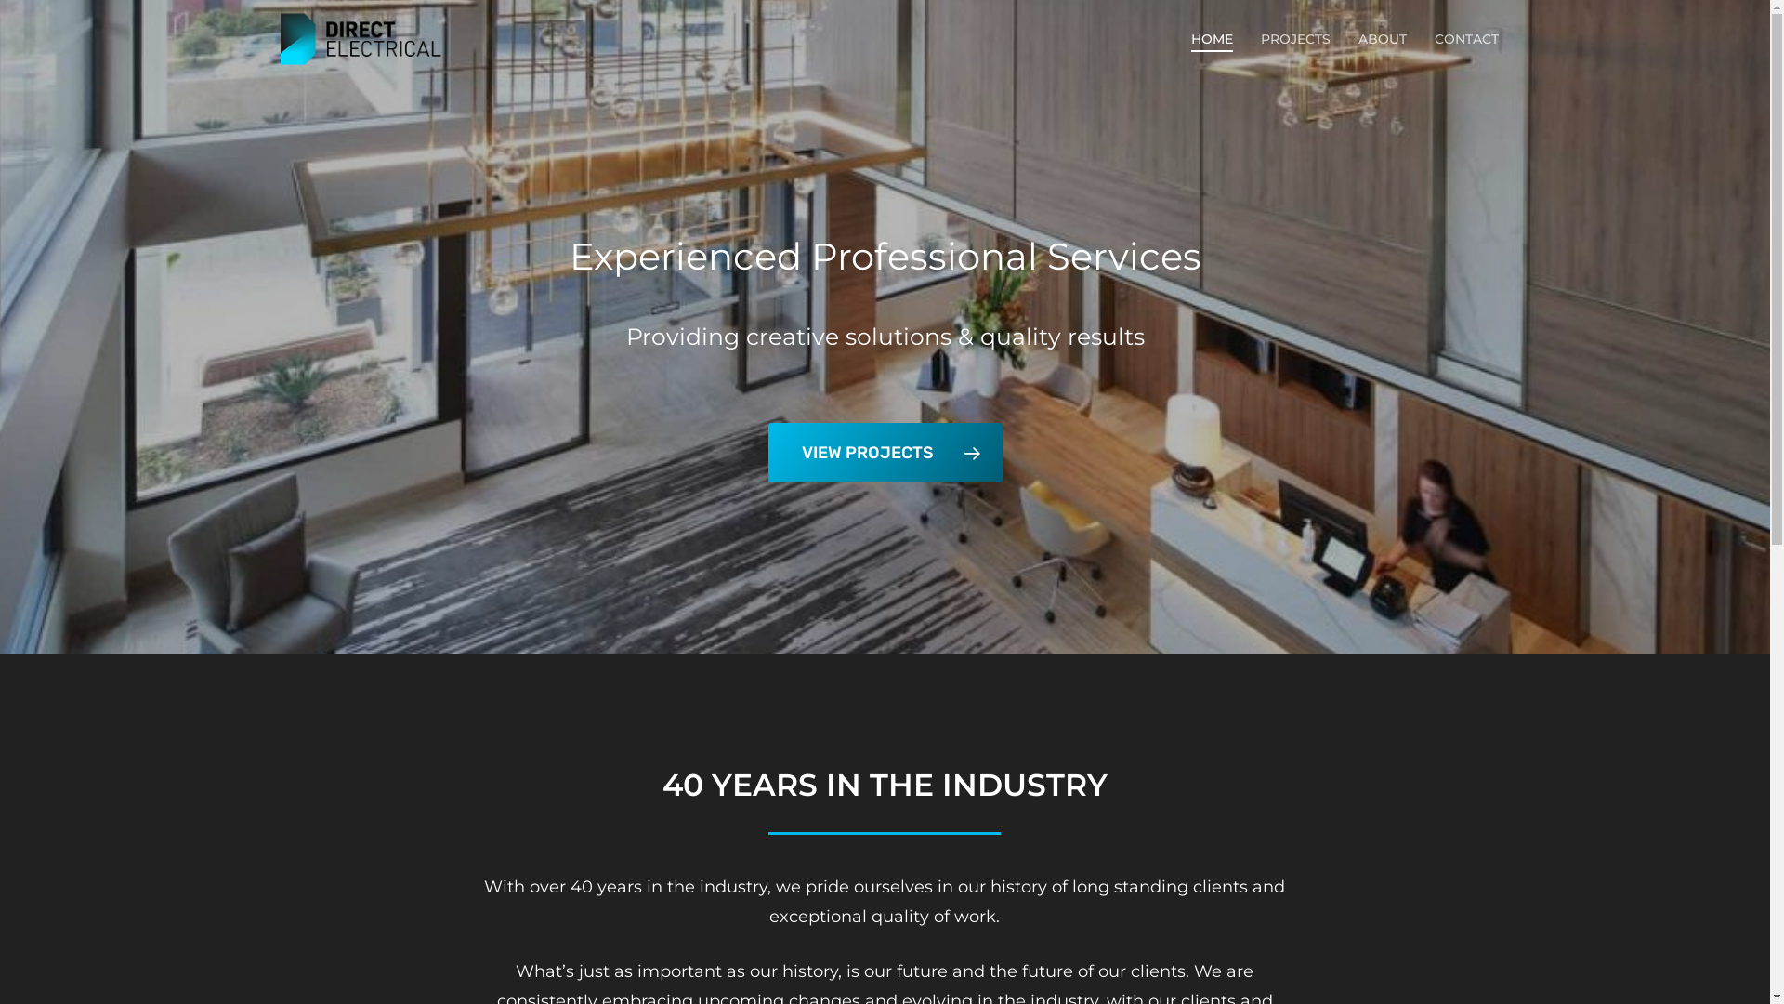  Describe the element at coordinates (1383, 39) in the screenshot. I see `'ABOUT'` at that location.